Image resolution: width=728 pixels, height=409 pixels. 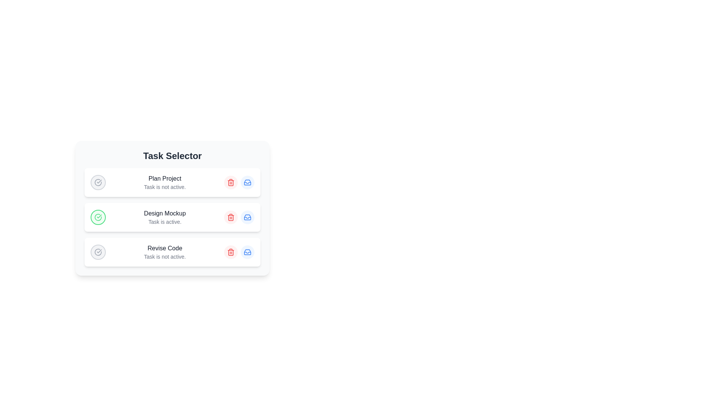 I want to click on the blue inbox icon located on the right side of the third row in the vertically arranged button group, so click(x=247, y=252).